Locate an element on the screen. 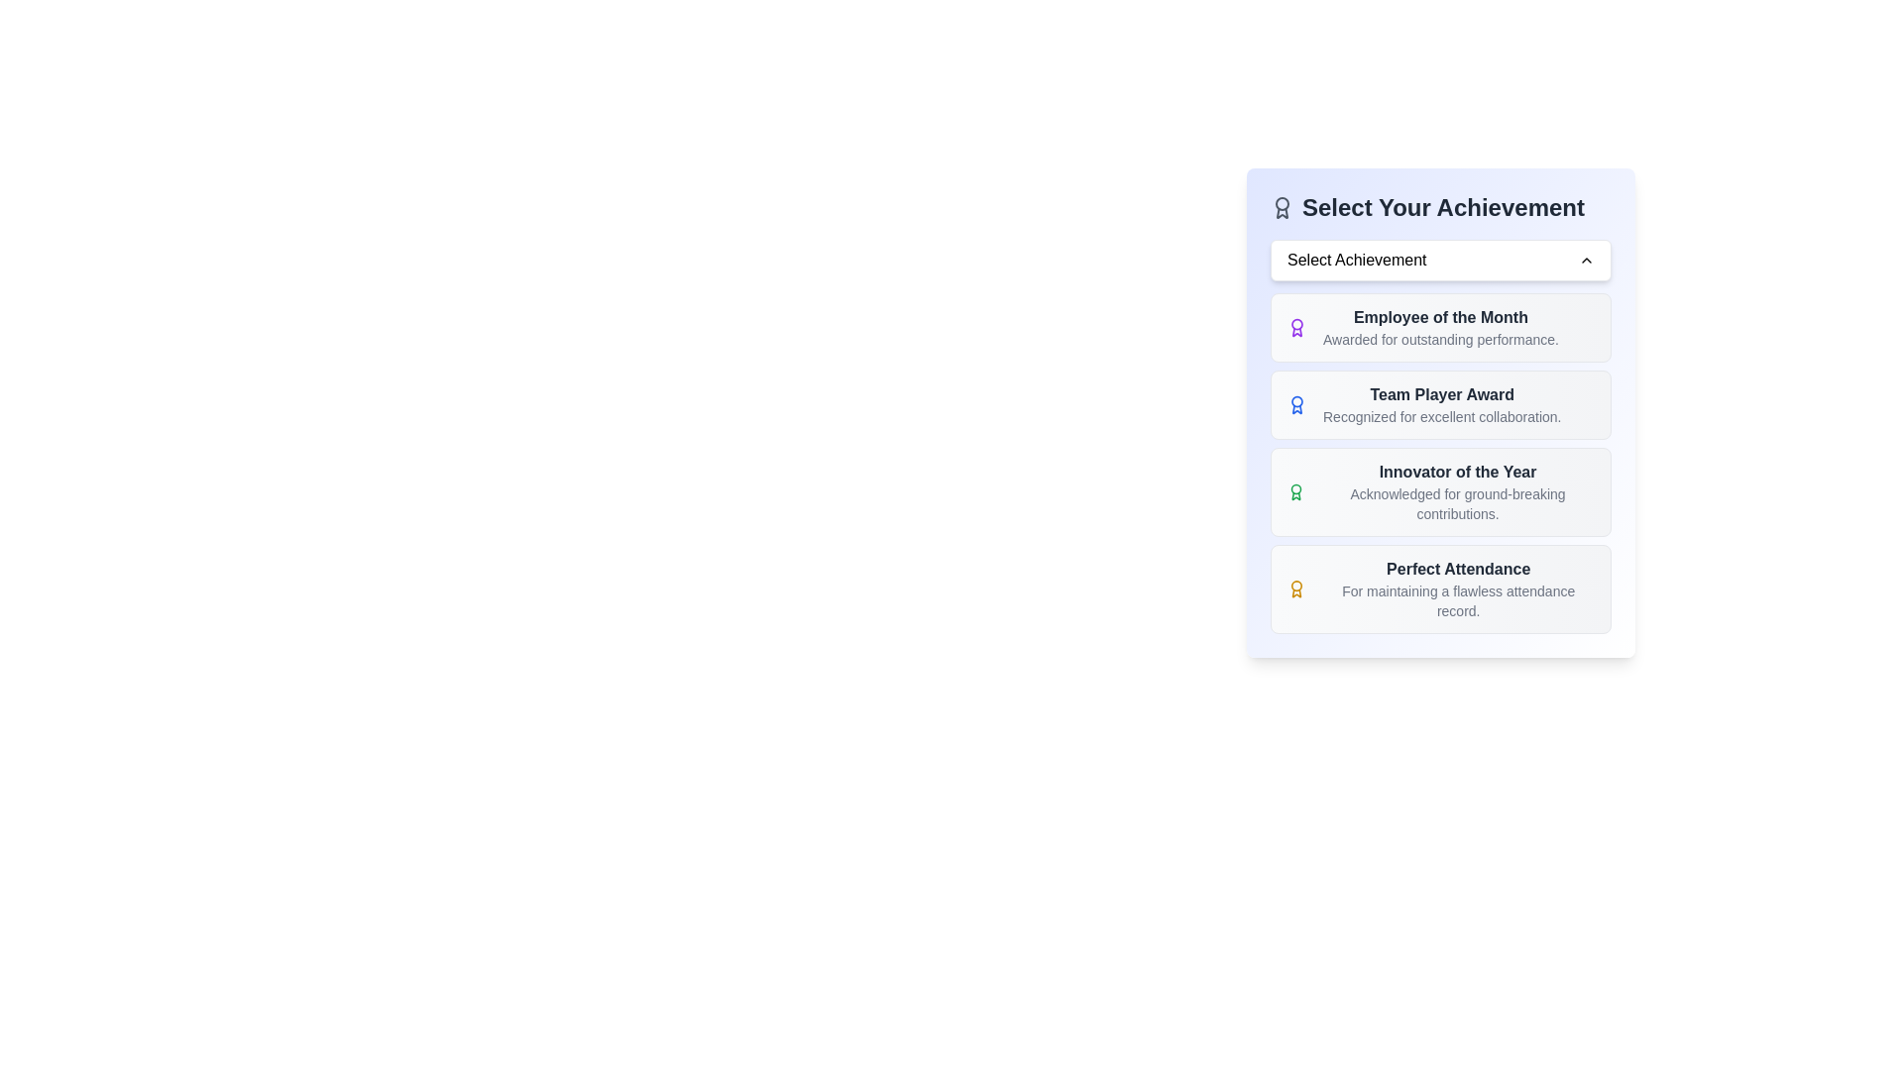 Image resolution: width=1903 pixels, height=1070 pixels. the static text label displaying 'Recognized for excellent collaboration.' positioned below 'Team Player Award' in the list of achievement options is located at coordinates (1442, 415).